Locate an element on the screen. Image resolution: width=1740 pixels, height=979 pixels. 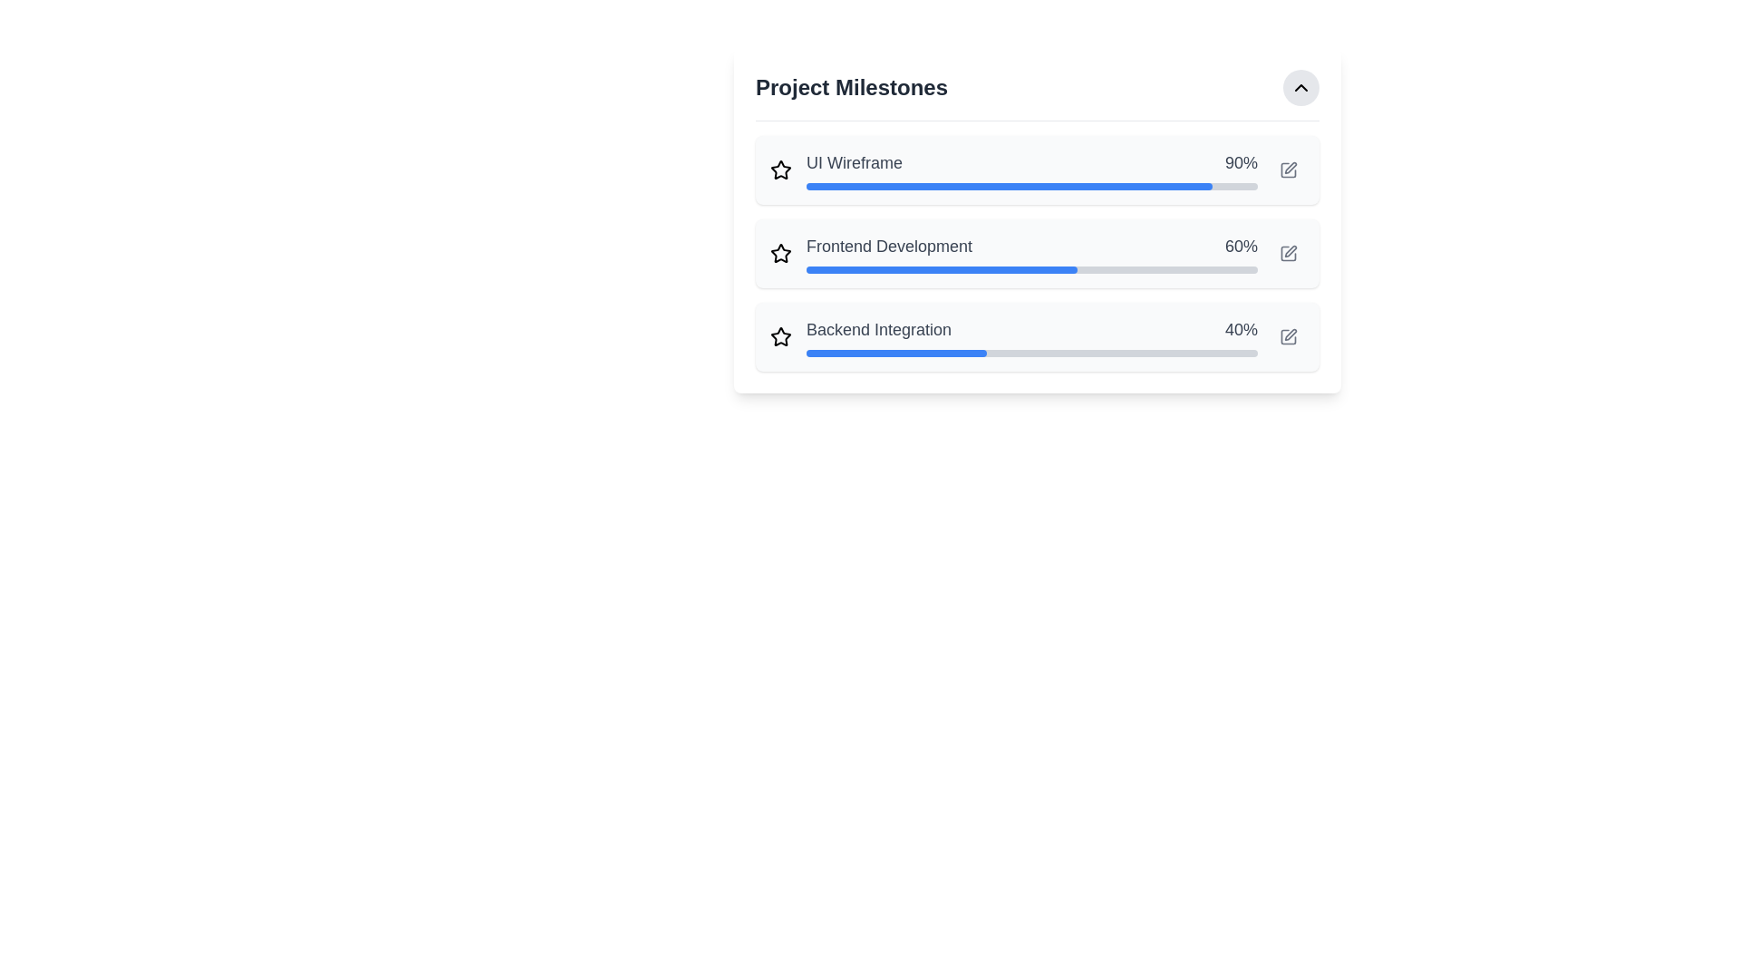
the Text Label that indicates project milestones in the header section of the panel to potentially see additional styling is located at coordinates (851, 87).